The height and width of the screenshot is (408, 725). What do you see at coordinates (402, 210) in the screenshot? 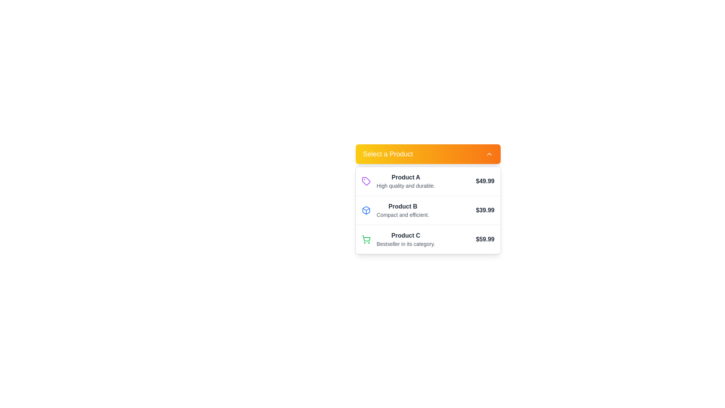
I see `the multi-line text block titled 'Product B'` at bounding box center [402, 210].